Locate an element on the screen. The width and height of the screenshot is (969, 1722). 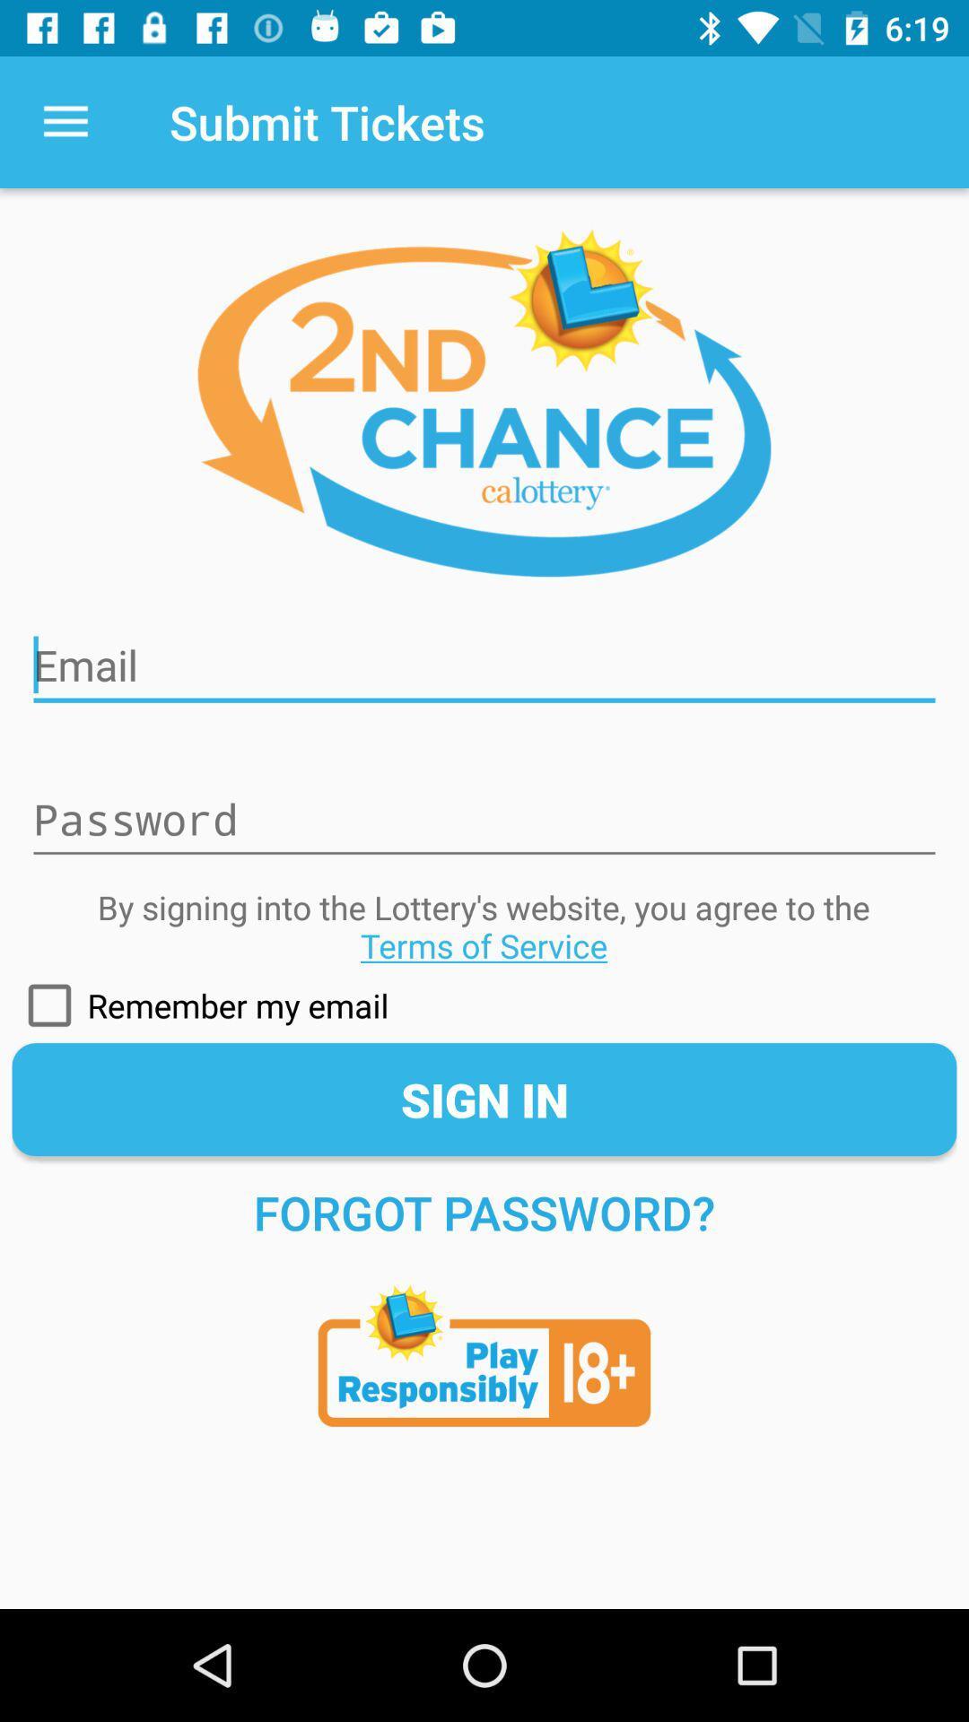
email incorrect is located at coordinates (484, 653).